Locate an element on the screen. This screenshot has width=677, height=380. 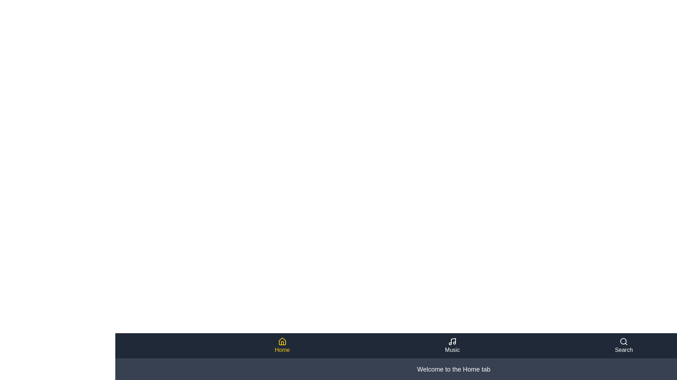
the text content of the active tab to interact with it is located at coordinates (453, 369).